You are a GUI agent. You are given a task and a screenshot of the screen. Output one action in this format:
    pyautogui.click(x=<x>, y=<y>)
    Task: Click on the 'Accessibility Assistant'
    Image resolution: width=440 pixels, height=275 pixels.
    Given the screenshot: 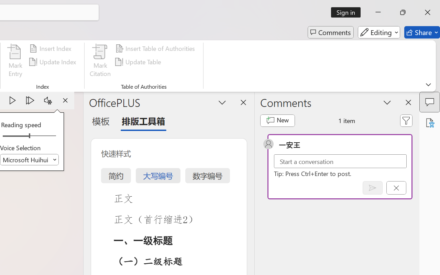 What is the action you would take?
    pyautogui.click(x=429, y=123)
    